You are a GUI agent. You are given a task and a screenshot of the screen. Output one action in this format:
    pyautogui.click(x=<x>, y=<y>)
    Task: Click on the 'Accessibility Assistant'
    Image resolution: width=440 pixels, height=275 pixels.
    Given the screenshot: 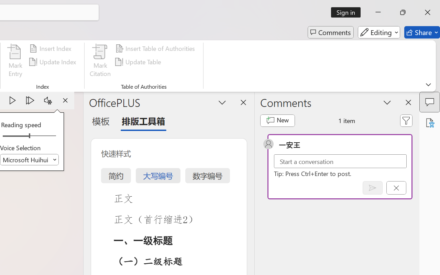 What is the action you would take?
    pyautogui.click(x=429, y=123)
    